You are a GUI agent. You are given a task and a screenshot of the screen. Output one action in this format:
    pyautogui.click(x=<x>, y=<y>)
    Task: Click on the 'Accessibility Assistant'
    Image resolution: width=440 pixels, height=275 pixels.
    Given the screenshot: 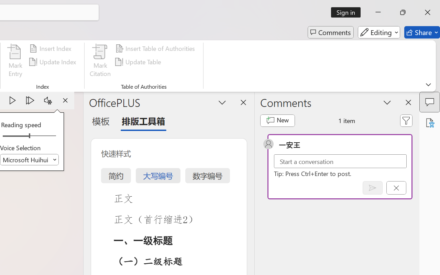 What is the action you would take?
    pyautogui.click(x=429, y=123)
    